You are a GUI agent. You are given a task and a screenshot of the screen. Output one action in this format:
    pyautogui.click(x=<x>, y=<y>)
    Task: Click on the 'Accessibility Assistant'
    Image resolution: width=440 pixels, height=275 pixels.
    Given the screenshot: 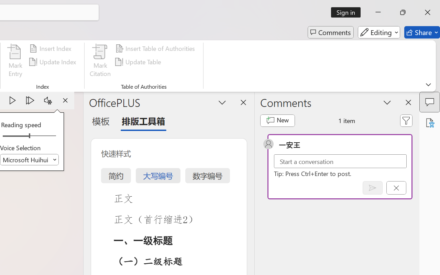 What is the action you would take?
    pyautogui.click(x=429, y=123)
    